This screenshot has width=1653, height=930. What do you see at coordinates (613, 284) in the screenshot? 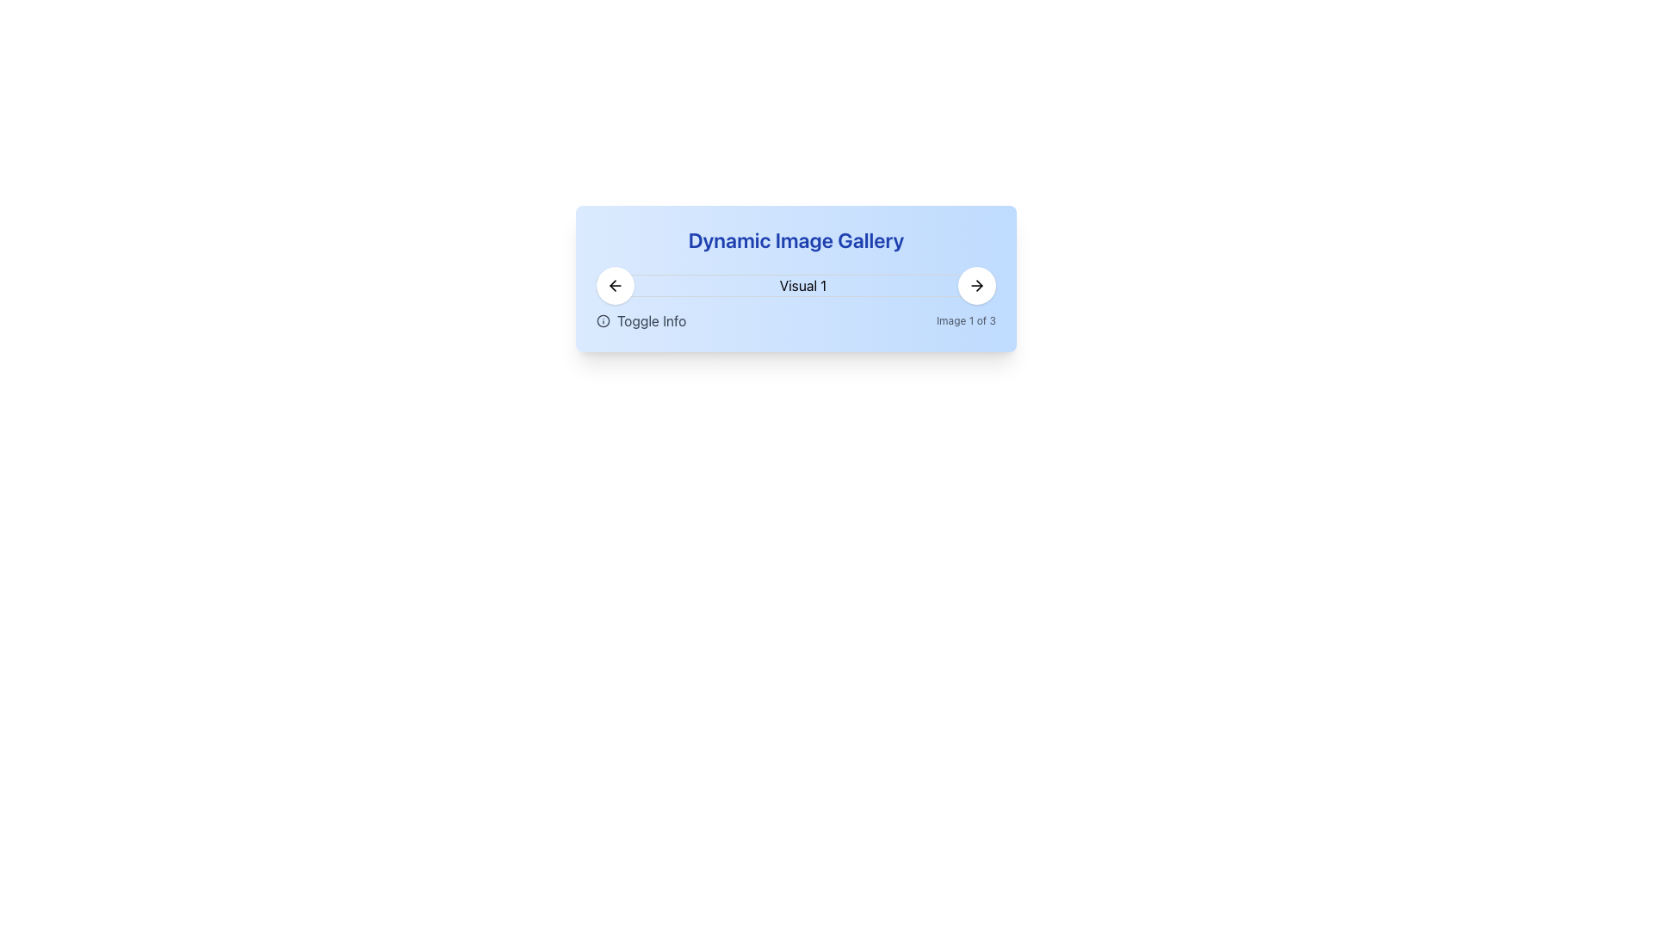
I see `the leftward-facing arrow icon located within the circular button on the left side of the header bar, adjacent to the 'Visual 1' text` at bounding box center [613, 284].